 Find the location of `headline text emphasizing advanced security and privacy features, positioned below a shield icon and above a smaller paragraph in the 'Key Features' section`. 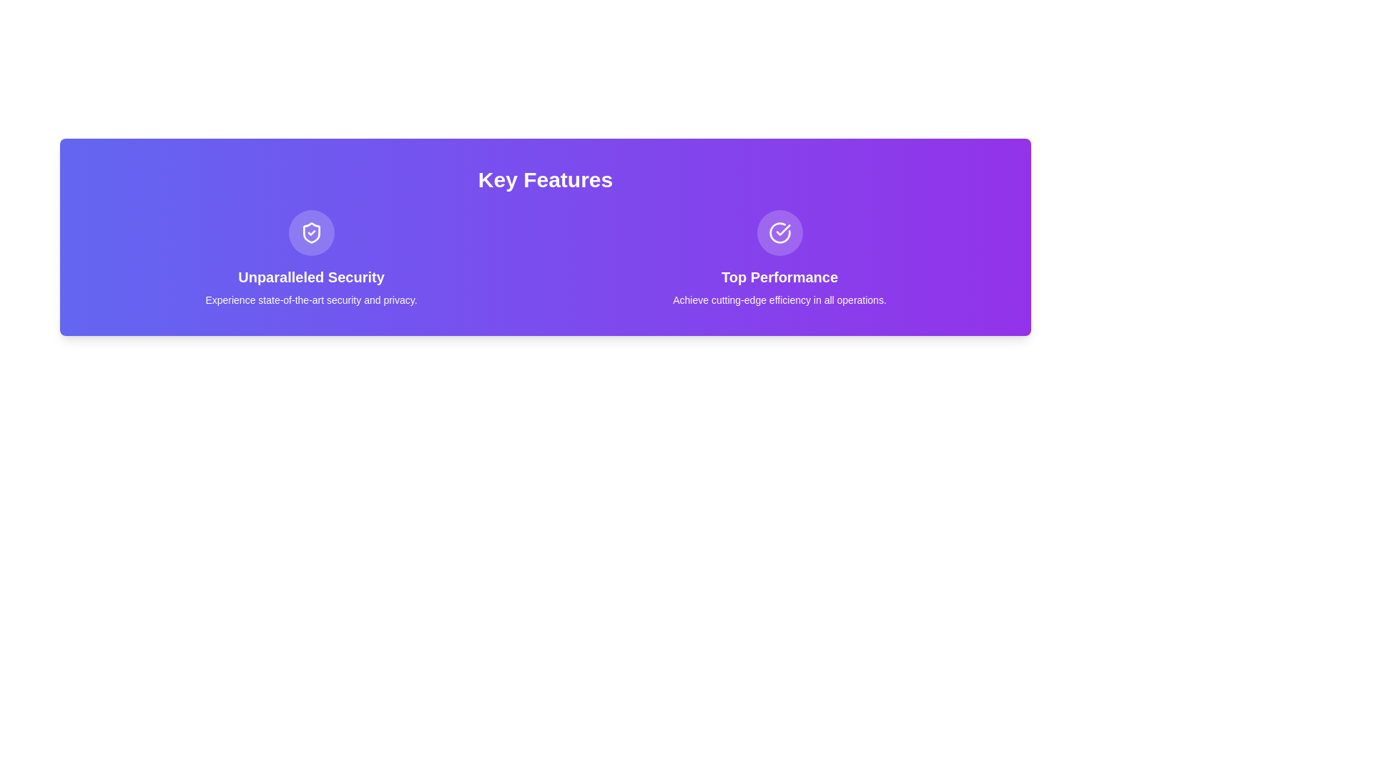

headline text emphasizing advanced security and privacy features, positioned below a shield icon and above a smaller paragraph in the 'Key Features' section is located at coordinates (310, 277).